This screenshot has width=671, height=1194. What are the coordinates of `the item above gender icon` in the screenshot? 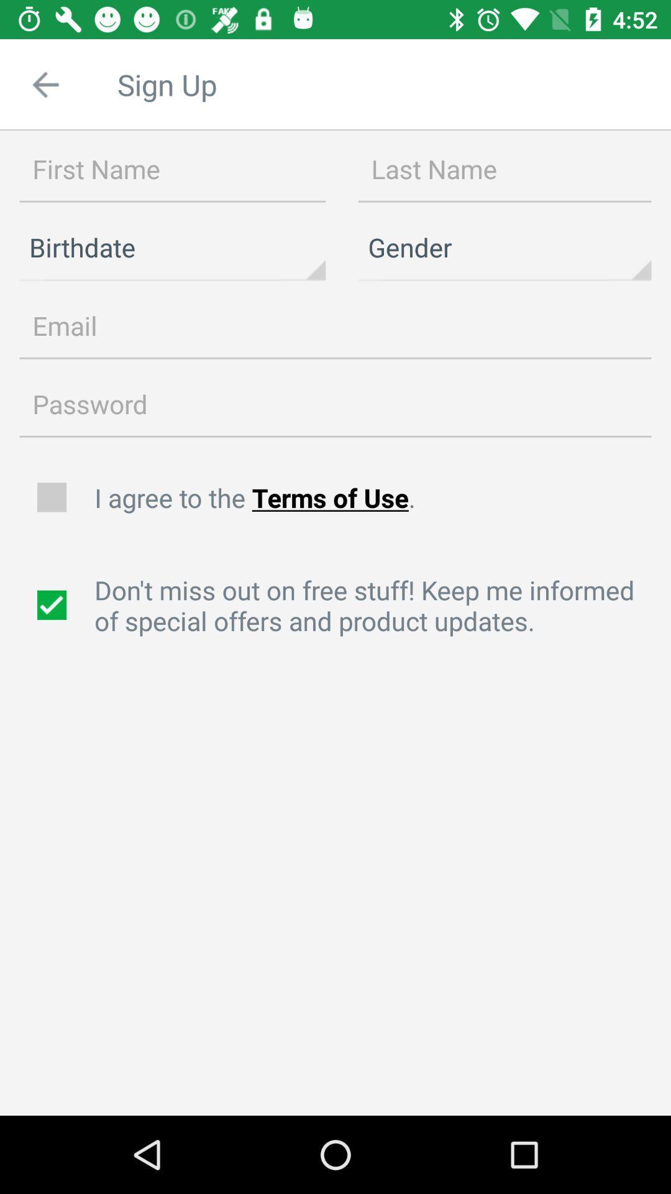 It's located at (504, 169).